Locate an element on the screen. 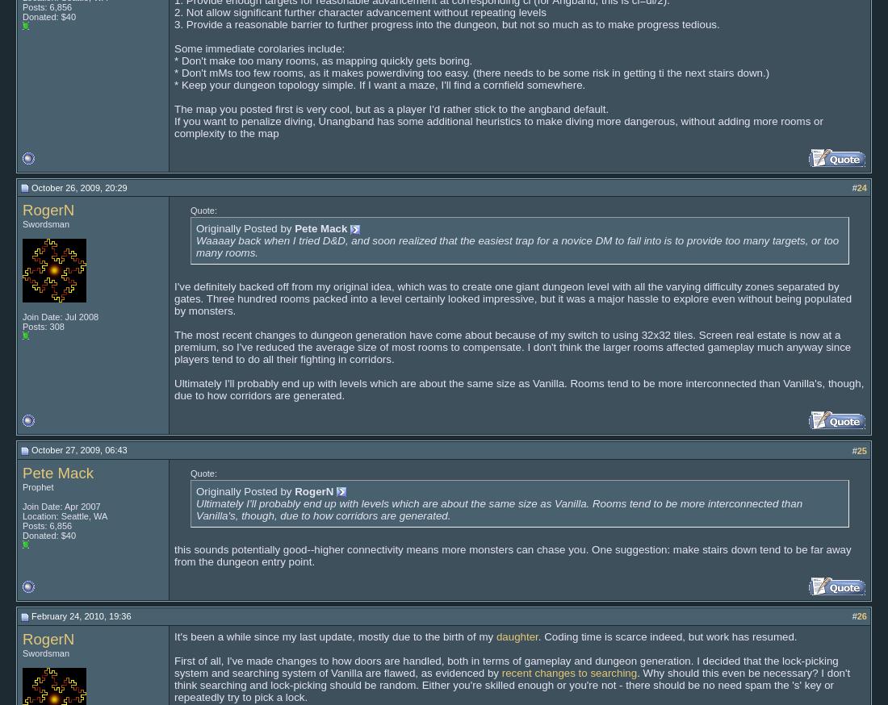  'Prophet' is located at coordinates (22, 485).